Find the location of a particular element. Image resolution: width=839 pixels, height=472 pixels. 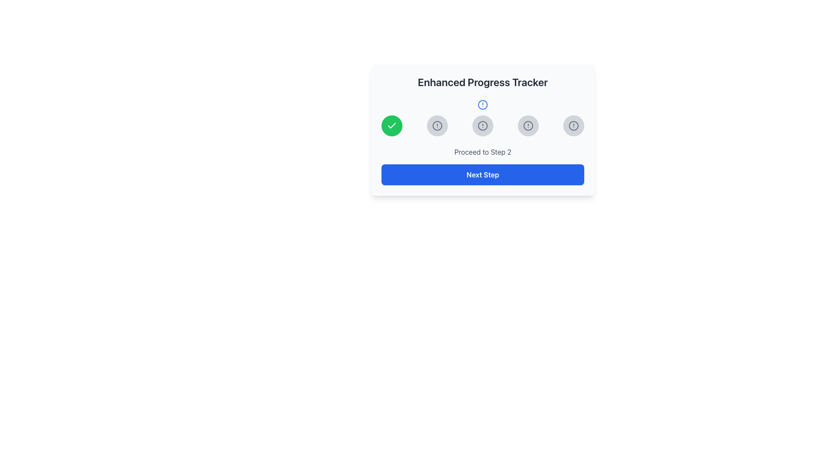

the second circular shape in the progress indicator component, which is styled with a neutral gray outline is located at coordinates (437, 126).